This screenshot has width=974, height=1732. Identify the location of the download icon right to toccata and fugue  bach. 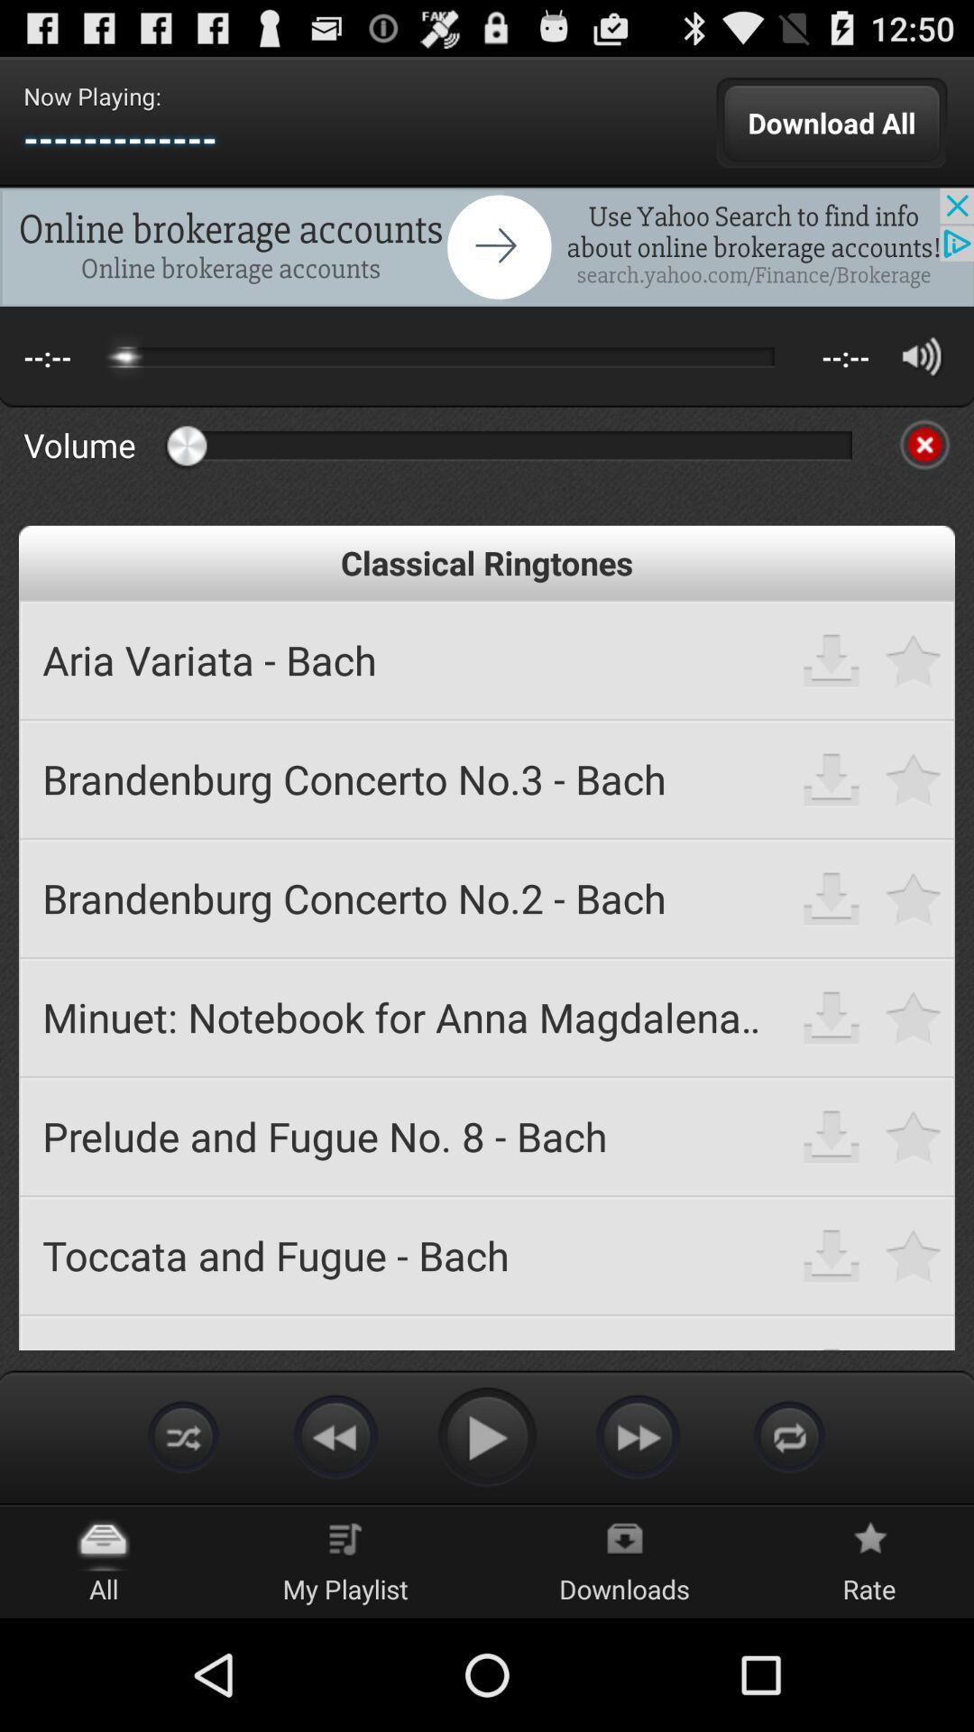
(832, 1254).